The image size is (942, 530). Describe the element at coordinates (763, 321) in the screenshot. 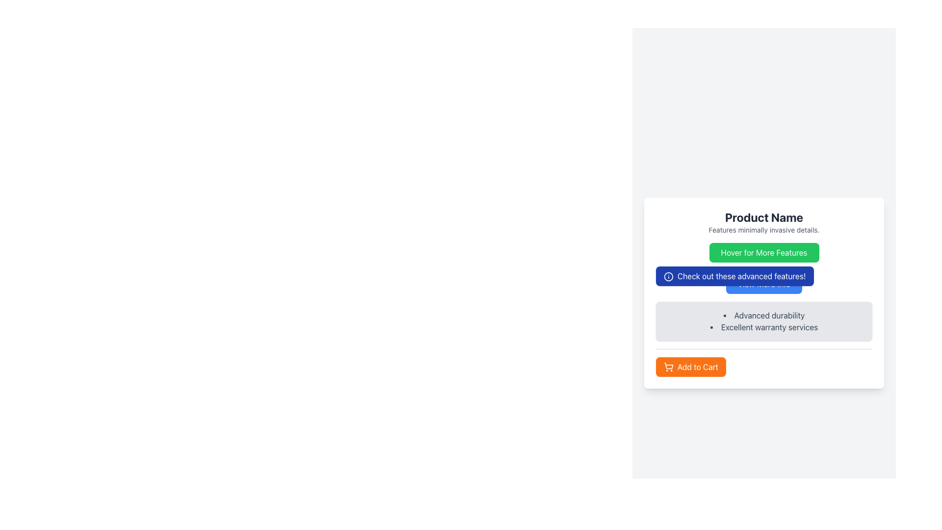

I see `text from the informational list that presents product features, located in the grey rounded section below the blue call-to-action button and above the orange 'Add to Cart' button` at that location.